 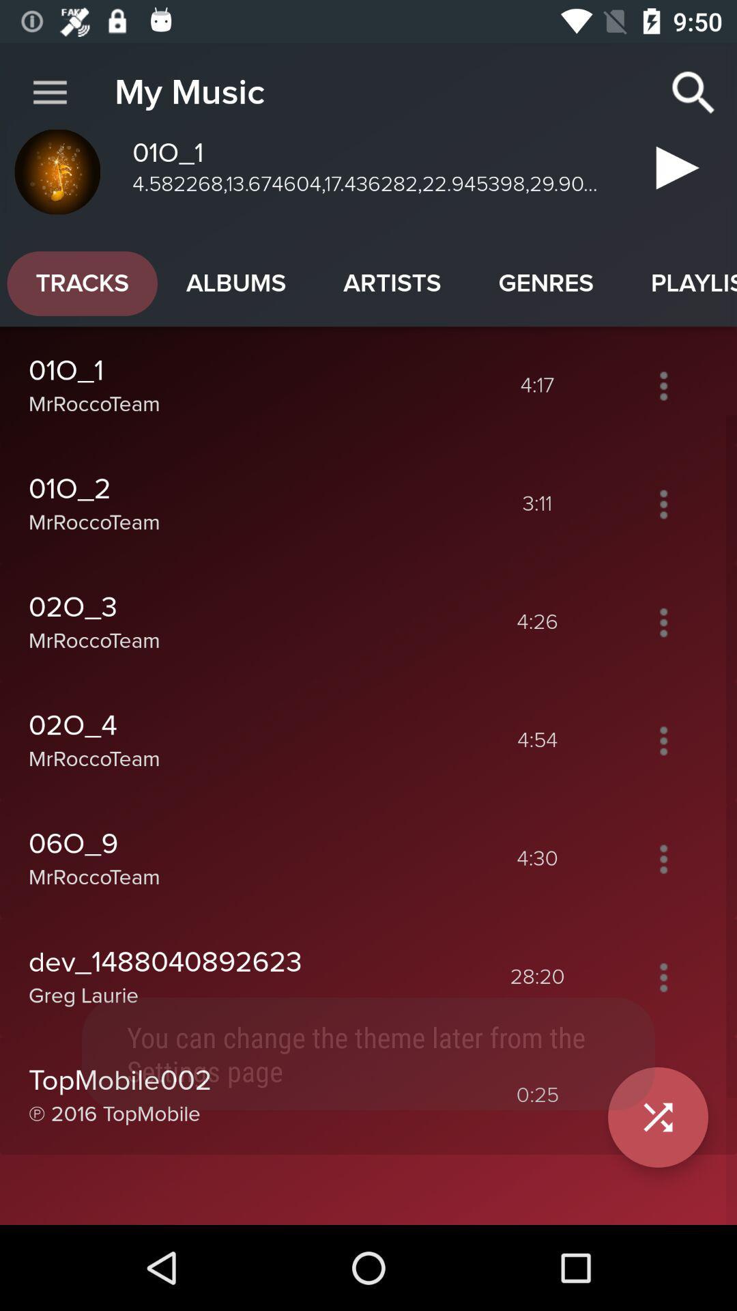 What do you see at coordinates (663, 739) in the screenshot?
I see `more information on 02o_4` at bounding box center [663, 739].